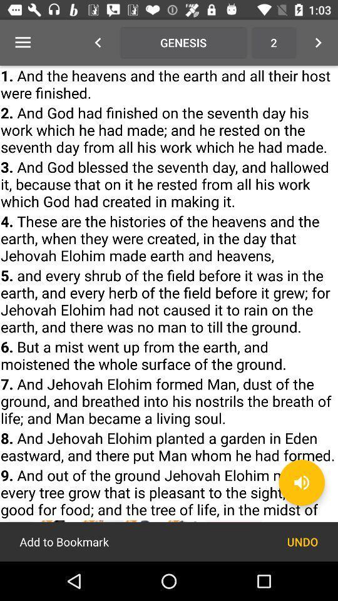  Describe the element at coordinates (301, 481) in the screenshot. I see `the volume icon` at that location.